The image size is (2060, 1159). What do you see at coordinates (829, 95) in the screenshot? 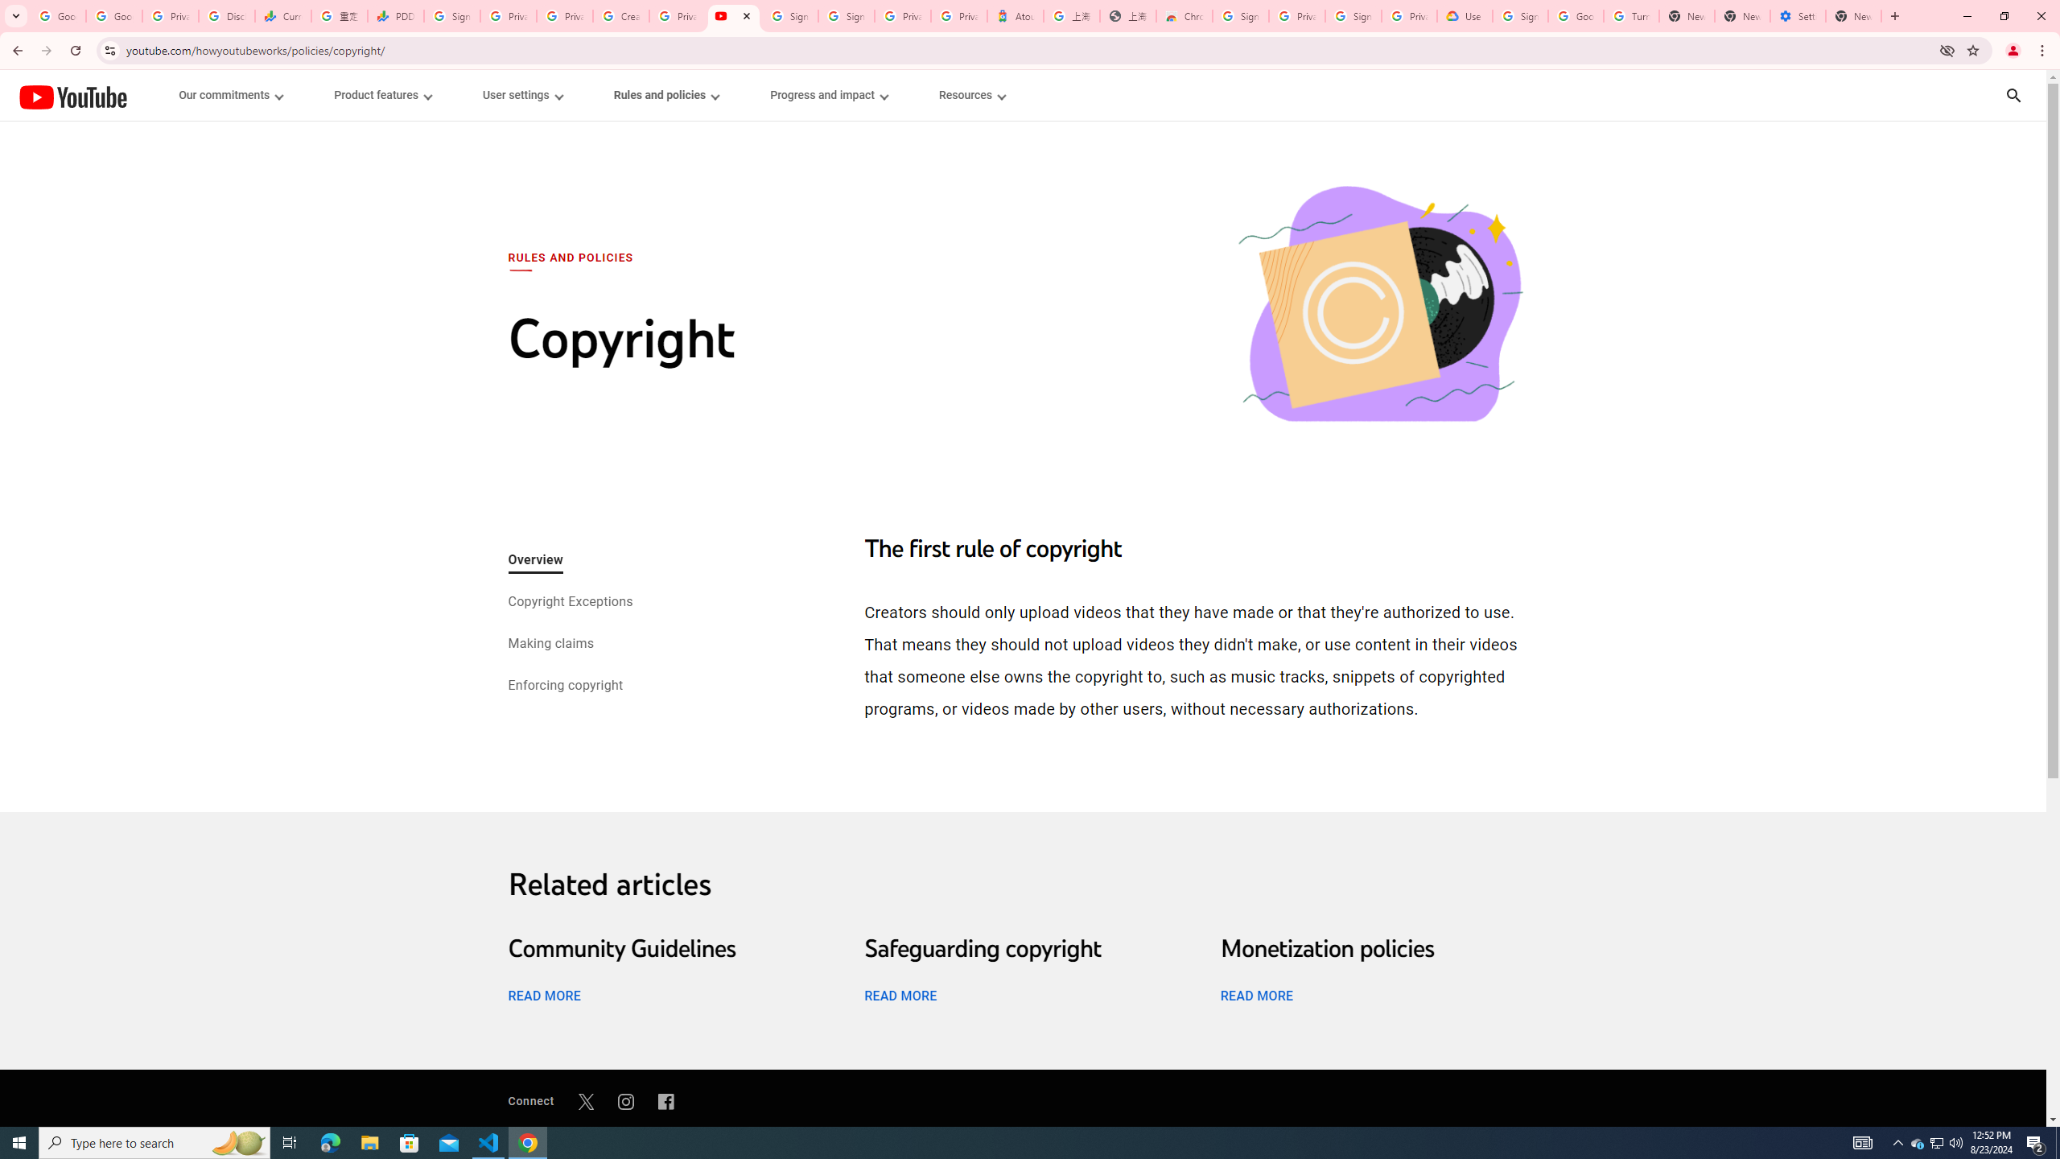
I see `'Progress and impact menupopup'` at bounding box center [829, 95].